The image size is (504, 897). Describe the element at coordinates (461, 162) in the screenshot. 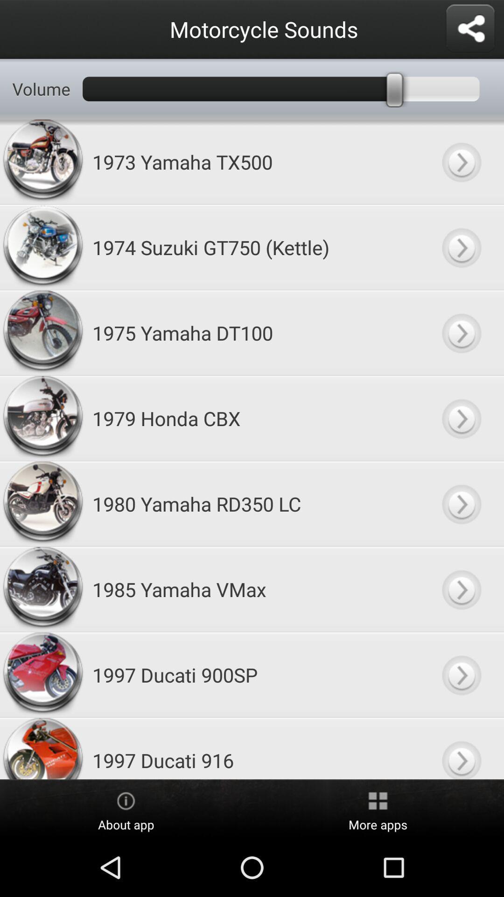

I see `listen to this motorcycle` at that location.